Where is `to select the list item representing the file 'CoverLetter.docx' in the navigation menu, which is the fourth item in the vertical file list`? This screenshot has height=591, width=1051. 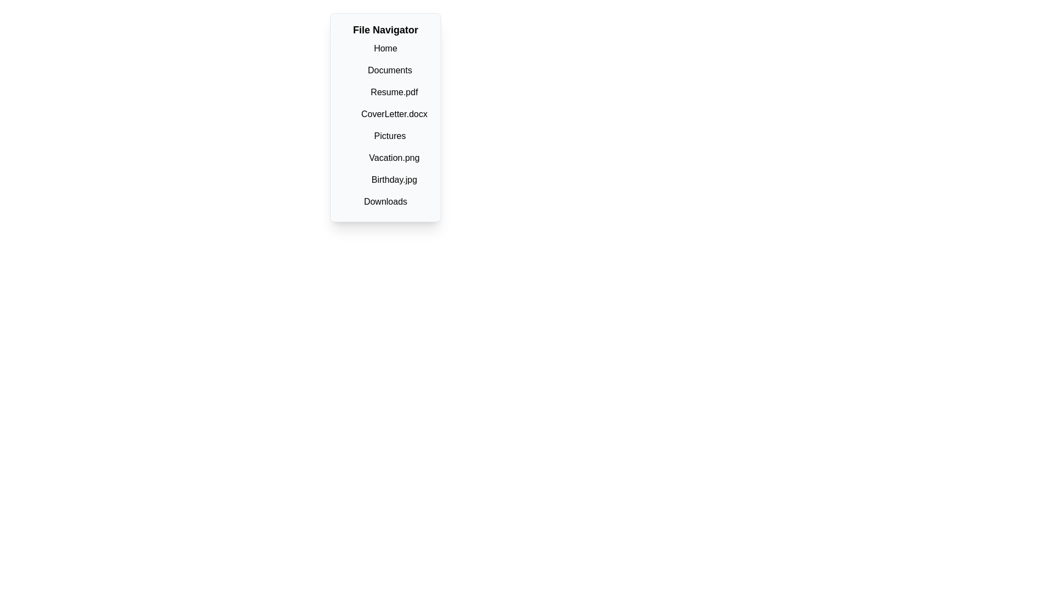 to select the list item representing the file 'CoverLetter.docx' in the navigation menu, which is the fourth item in the vertical file list is located at coordinates (385, 114).